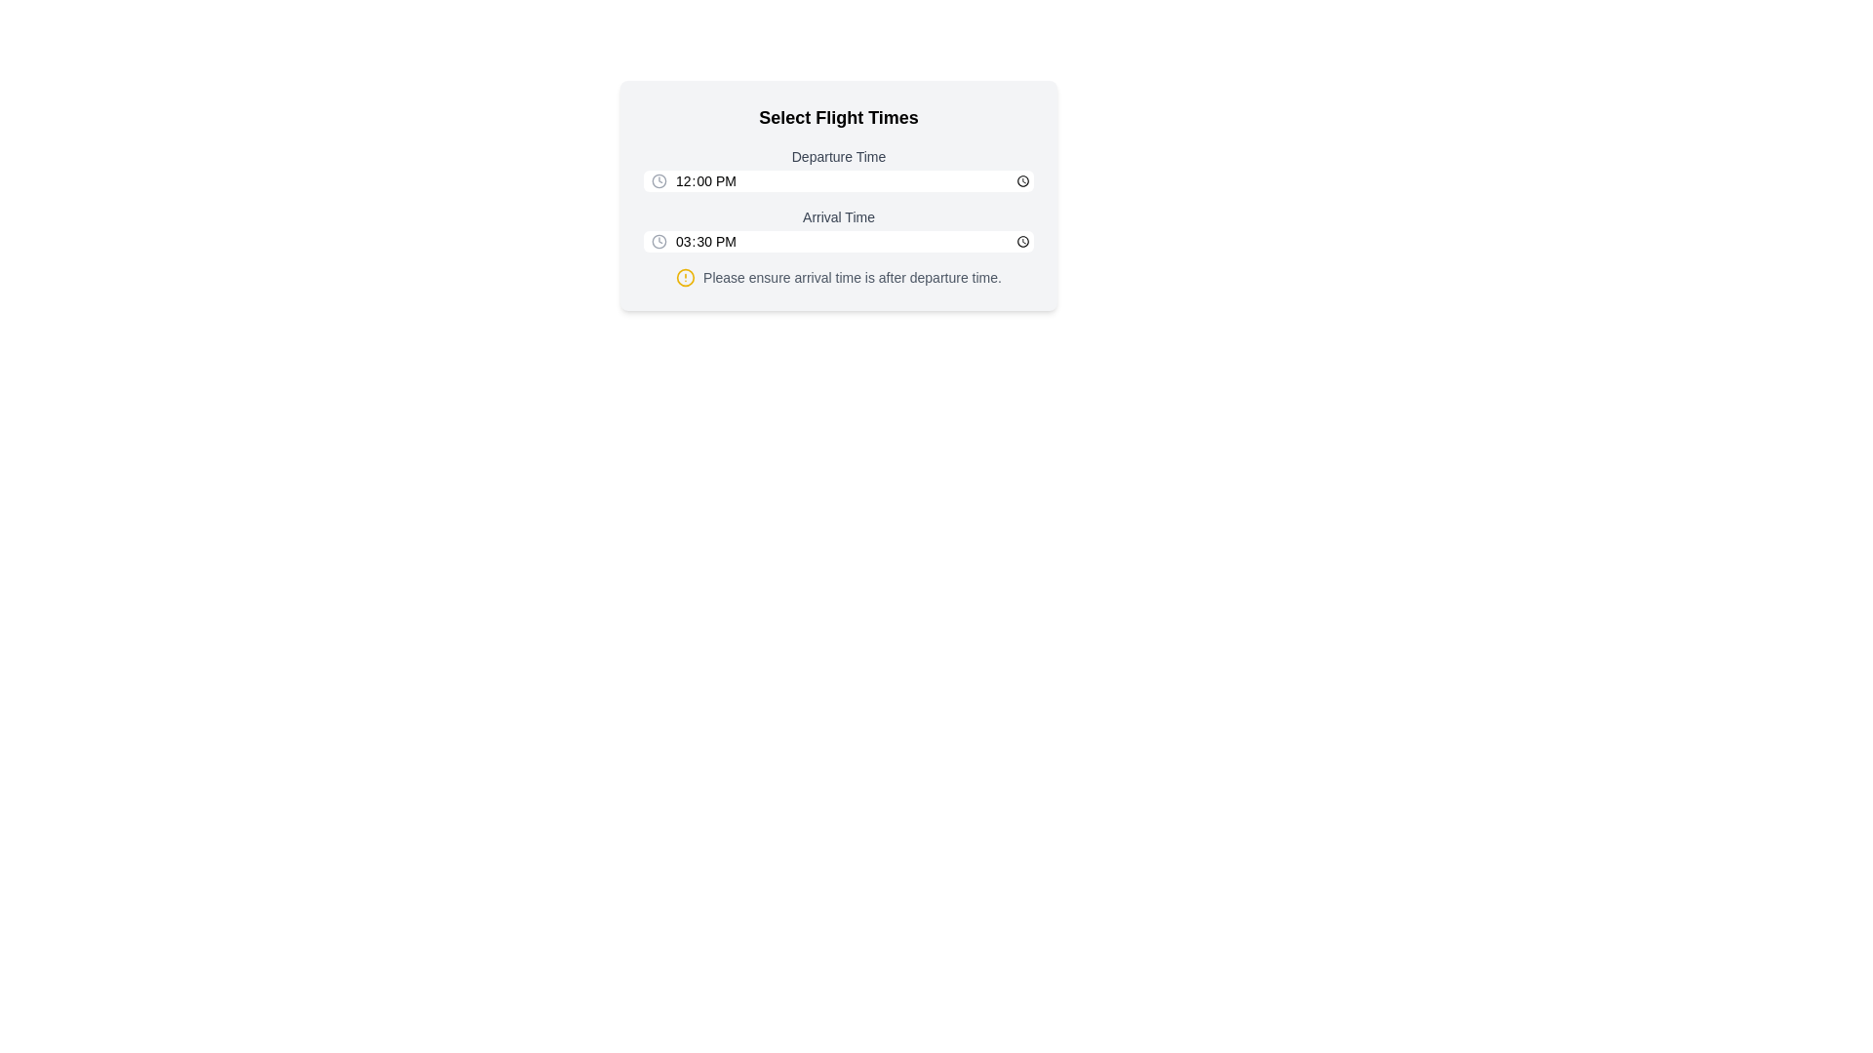  What do you see at coordinates (838, 278) in the screenshot?
I see `the Information message element with a warning icon that reads 'Please ensure arrival time is after departure time.' This element is located beneath the 'Arrival Time' input field in the 'Select Flight Times' card` at bounding box center [838, 278].